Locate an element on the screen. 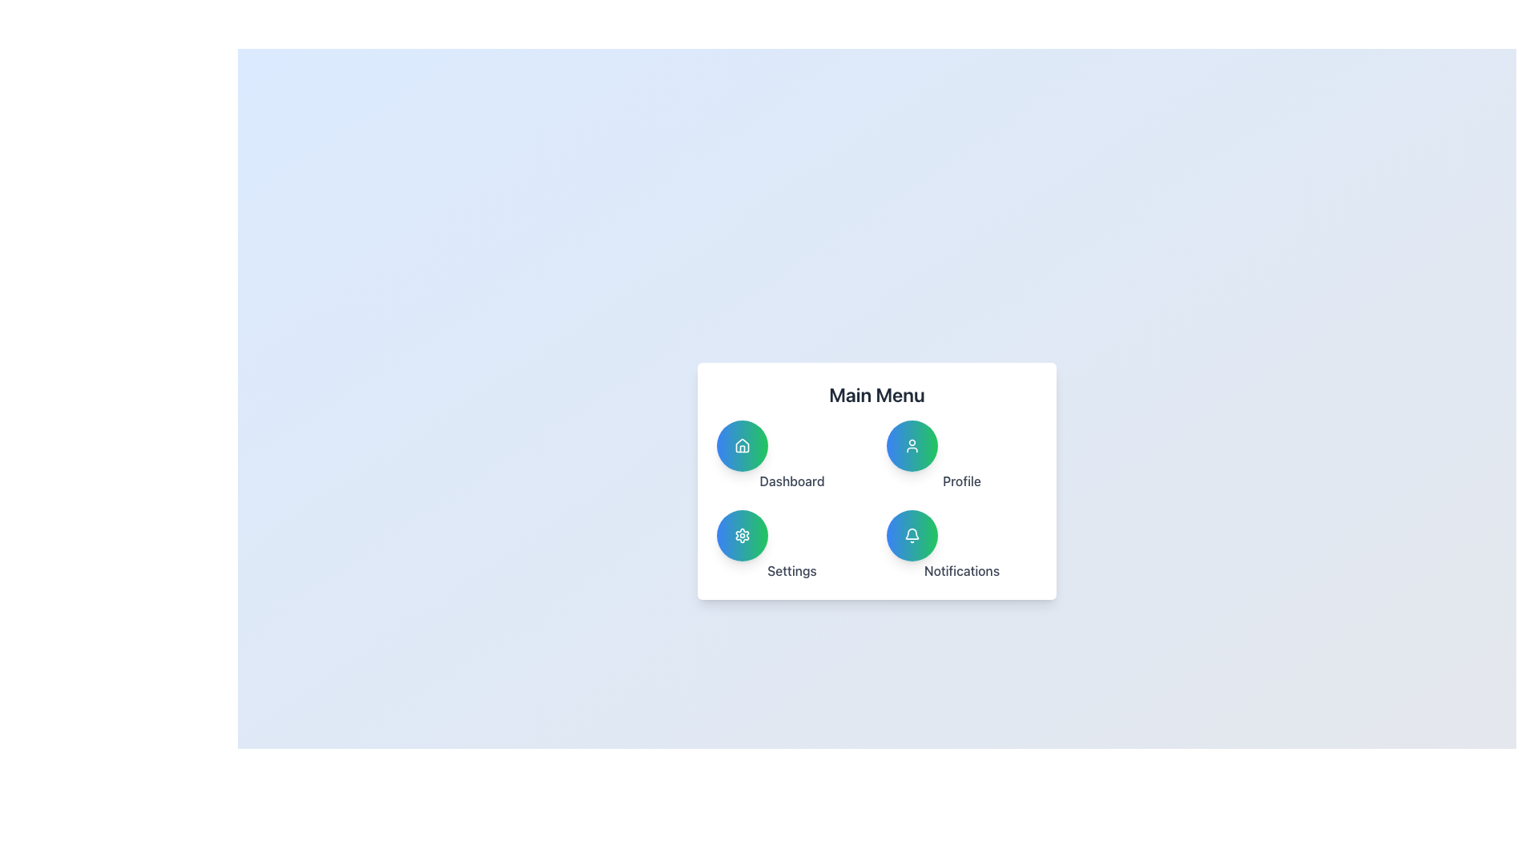 The height and width of the screenshot is (865, 1538). the buttons within the Navigation Menu Panel, which includes access to Dashboard, Profile, Settings, and Notifications, arranged in a 2x2 grid is located at coordinates (876, 481).